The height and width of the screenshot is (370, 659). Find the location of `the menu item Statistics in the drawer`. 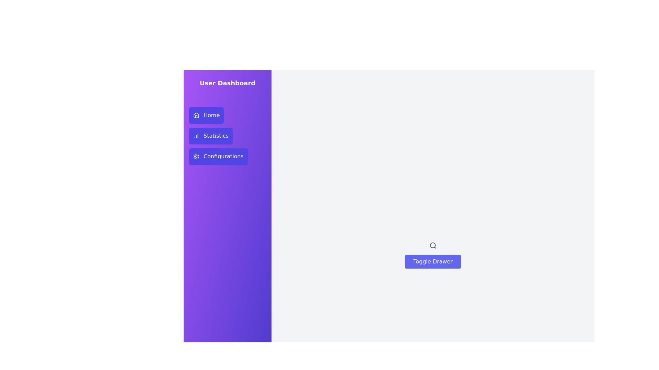

the menu item Statistics in the drawer is located at coordinates (210, 136).